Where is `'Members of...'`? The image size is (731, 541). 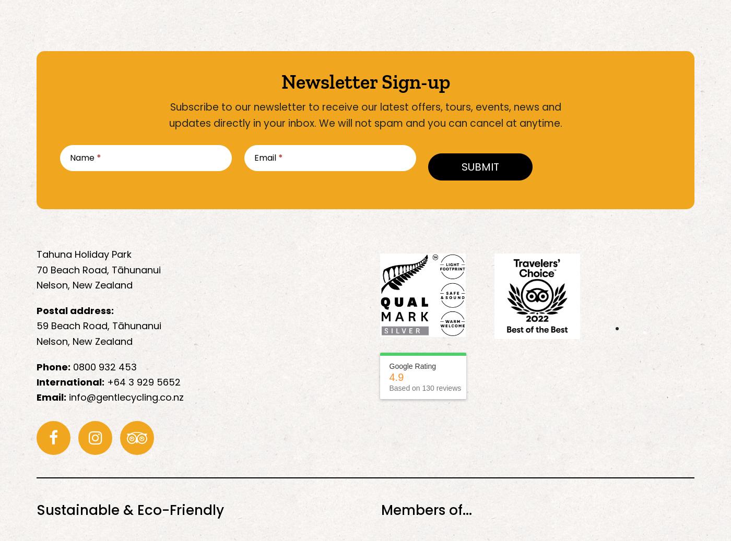
'Members of...' is located at coordinates (426, 510).